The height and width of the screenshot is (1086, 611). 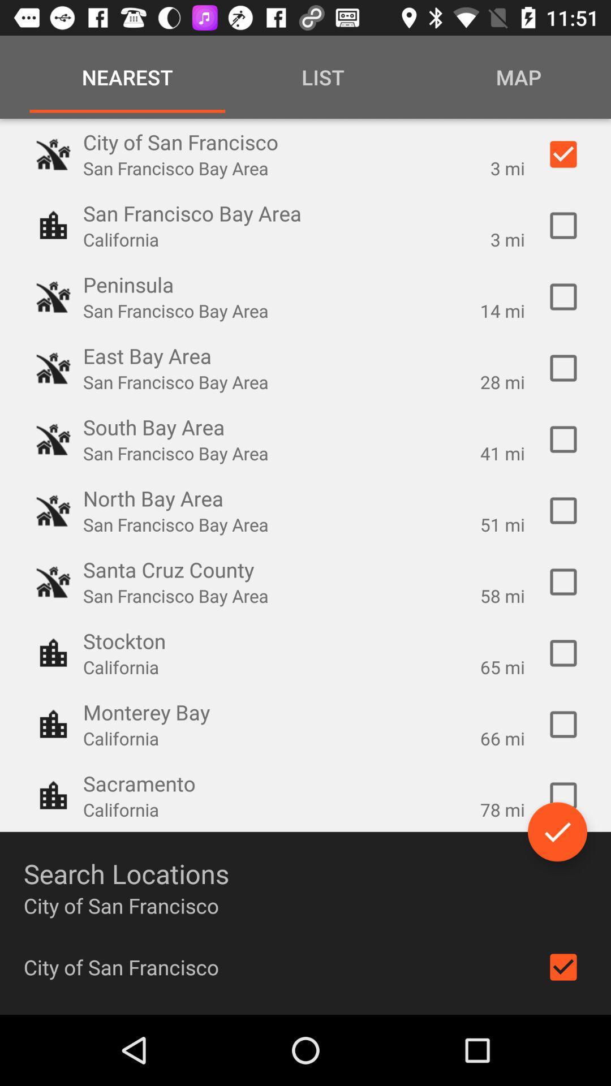 I want to click on checkbox to select, so click(x=563, y=296).